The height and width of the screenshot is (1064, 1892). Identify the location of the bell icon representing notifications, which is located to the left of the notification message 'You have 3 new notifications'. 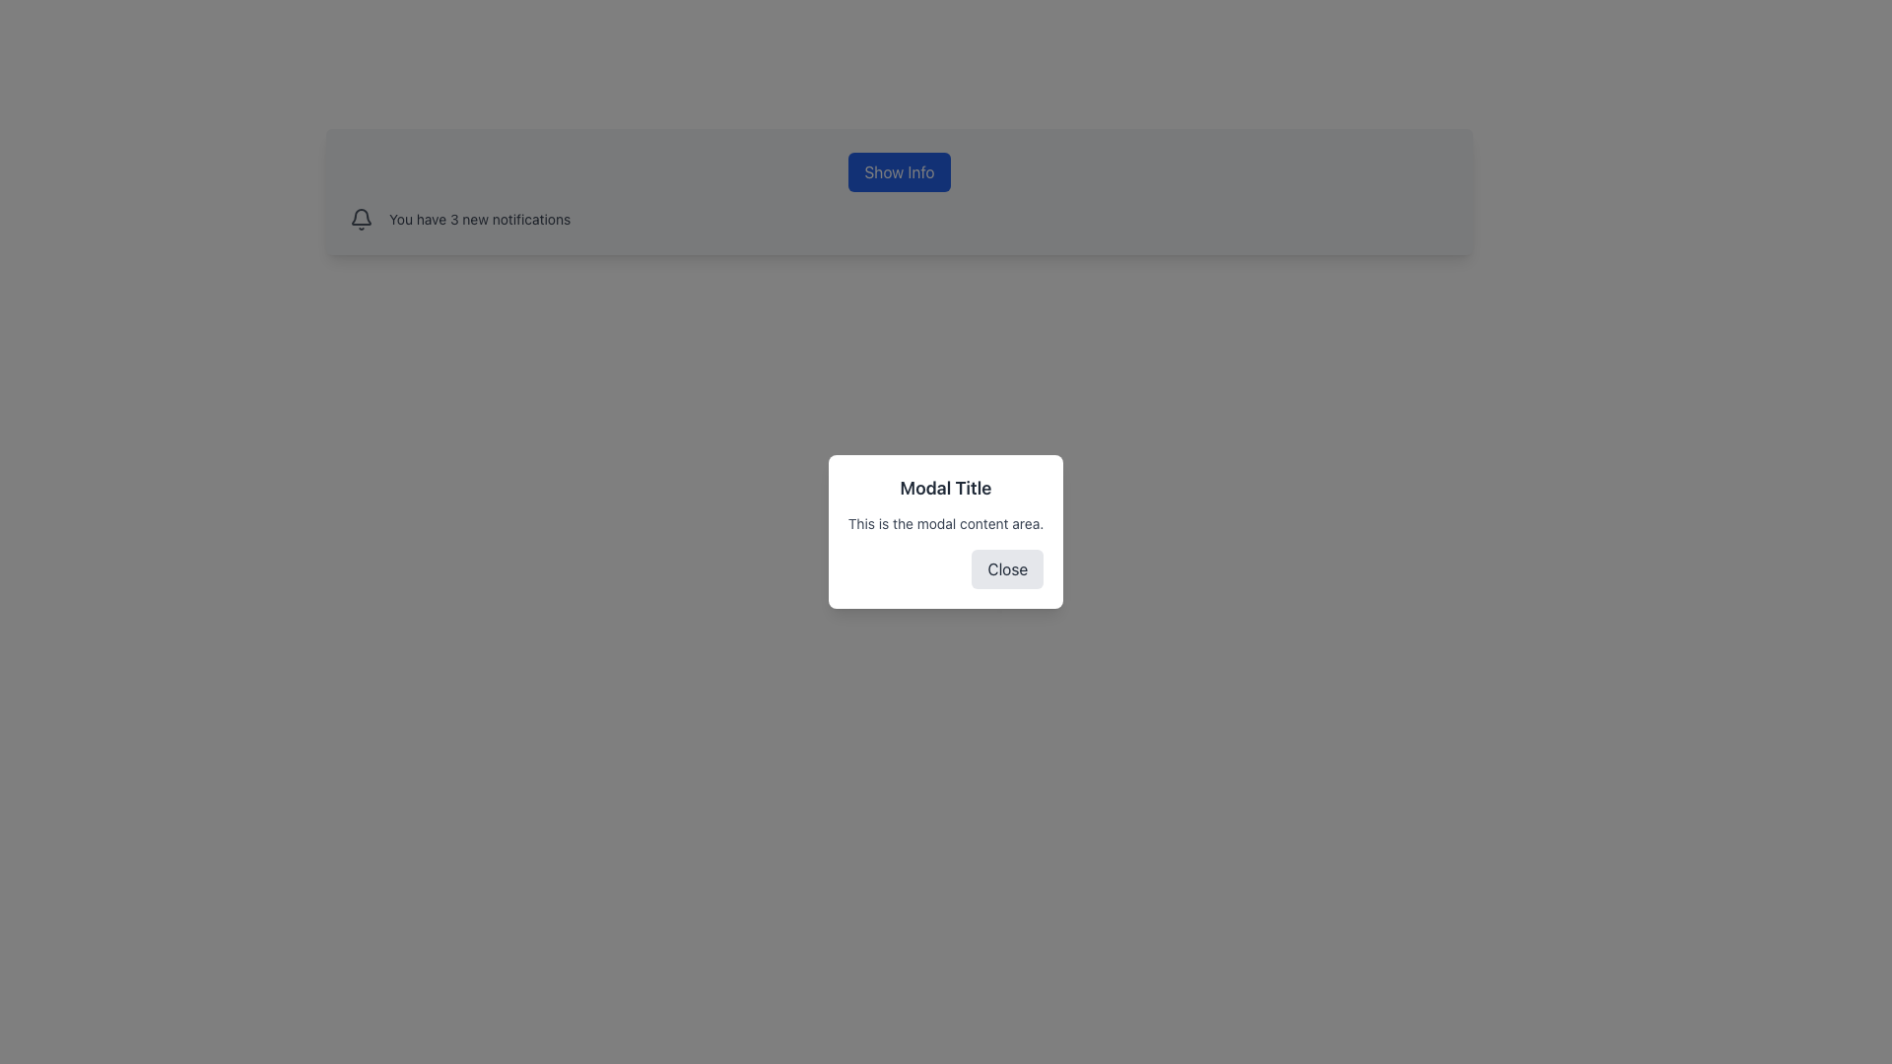
(361, 220).